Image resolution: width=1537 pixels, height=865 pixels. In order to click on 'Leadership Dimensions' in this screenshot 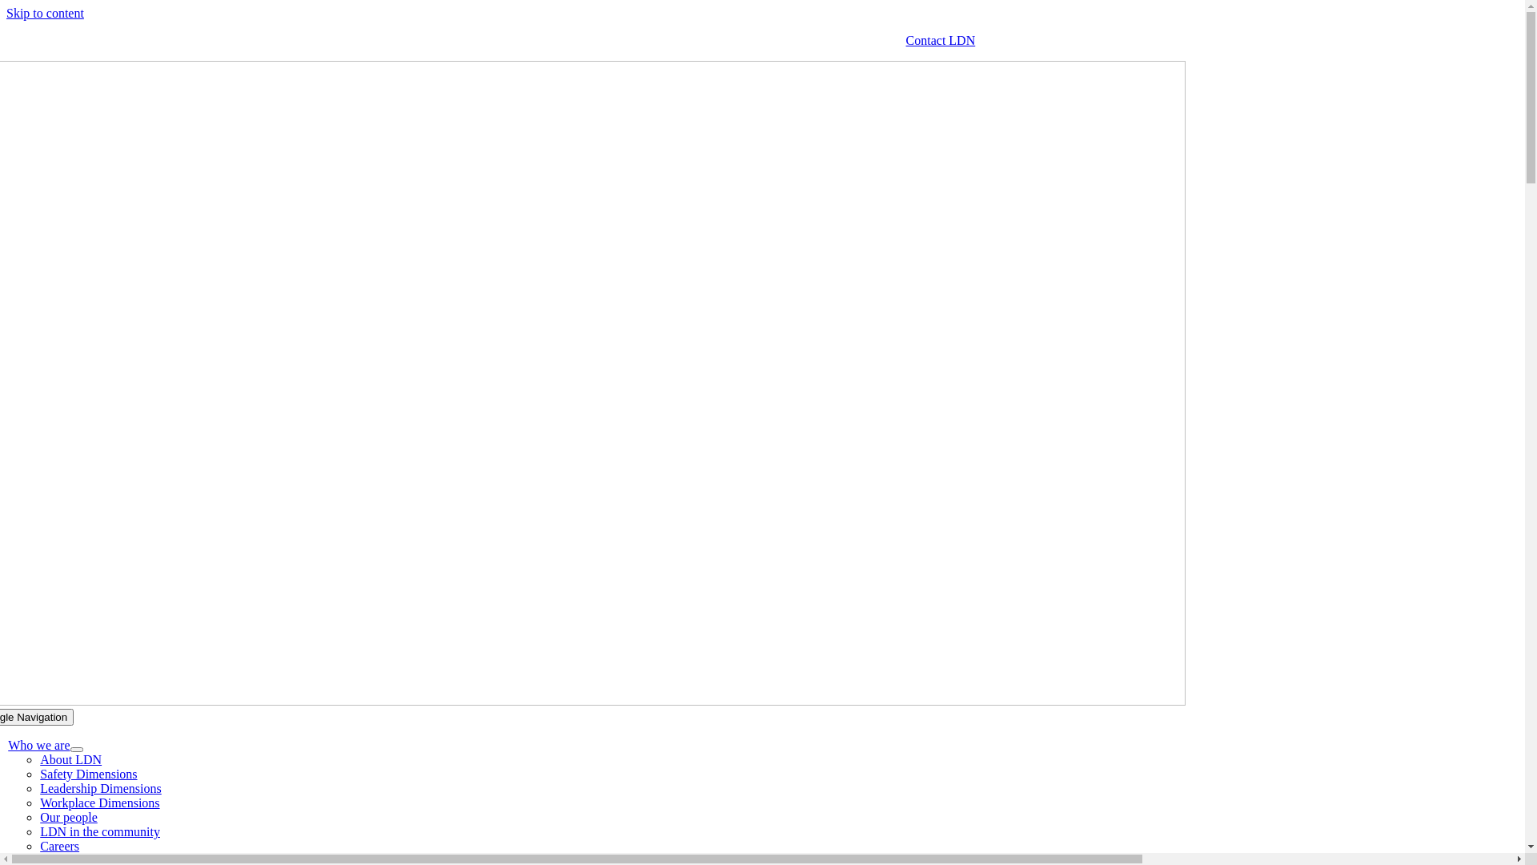, I will do `click(99, 787)`.